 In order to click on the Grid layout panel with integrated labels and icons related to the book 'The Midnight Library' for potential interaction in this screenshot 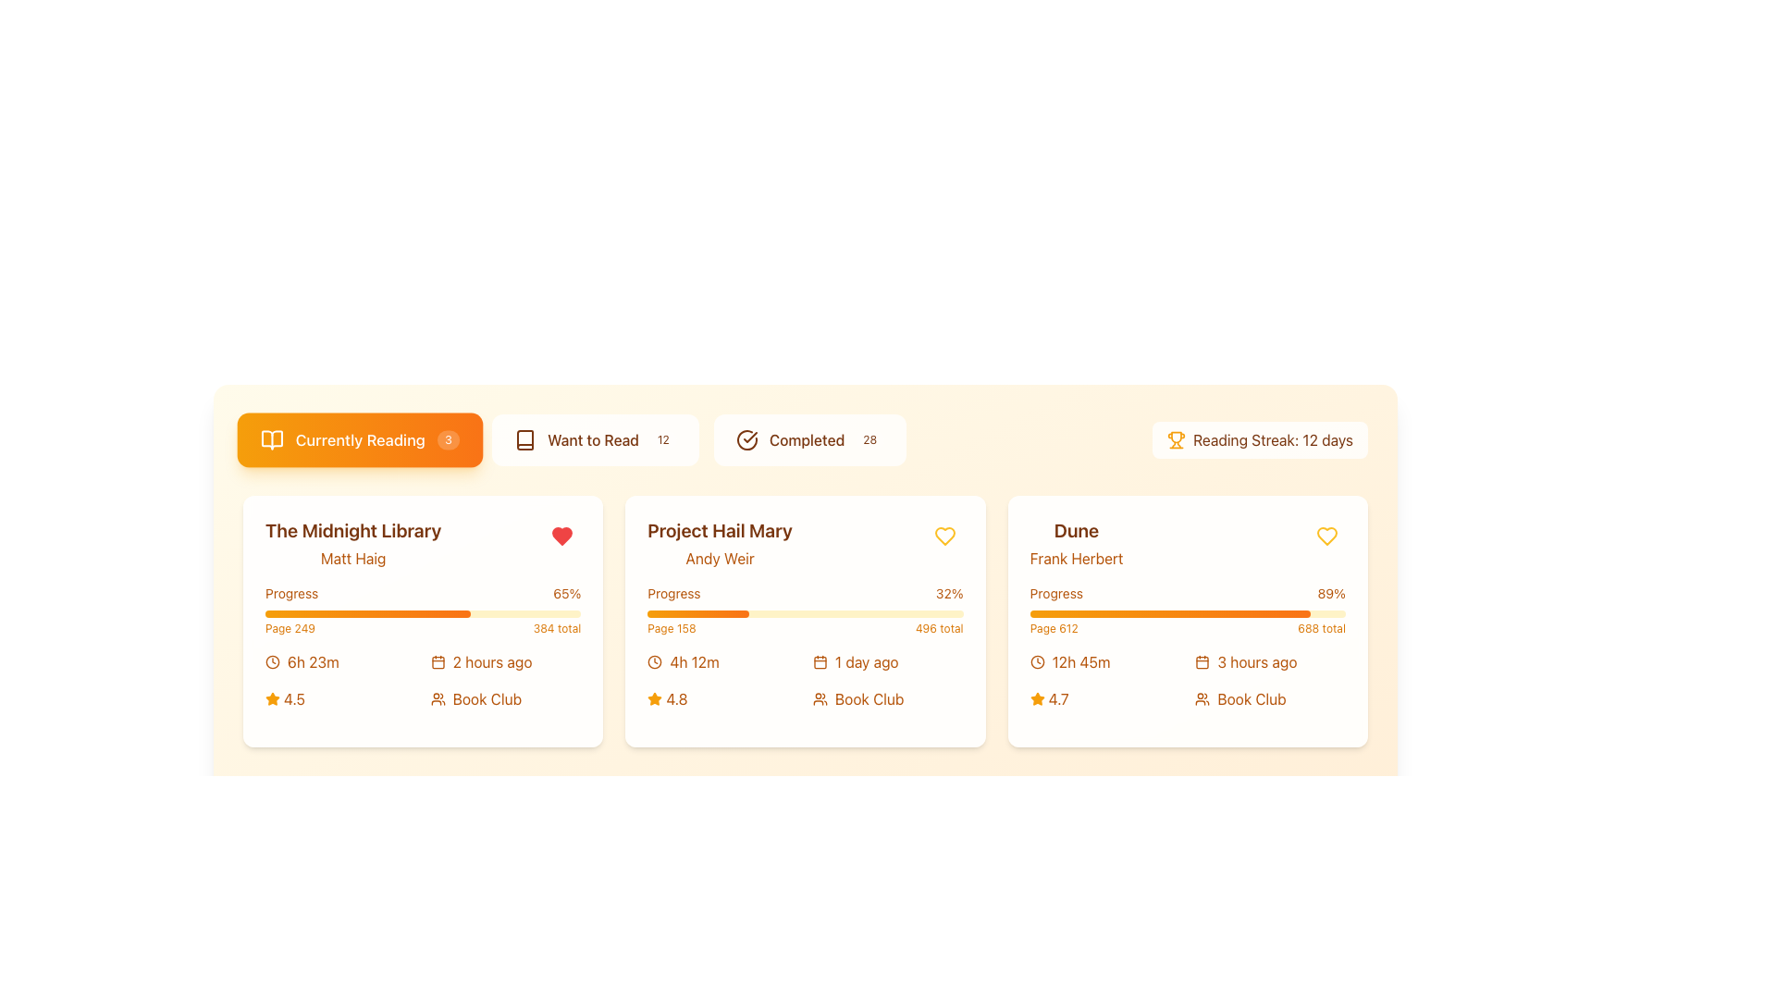, I will do `click(422, 681)`.